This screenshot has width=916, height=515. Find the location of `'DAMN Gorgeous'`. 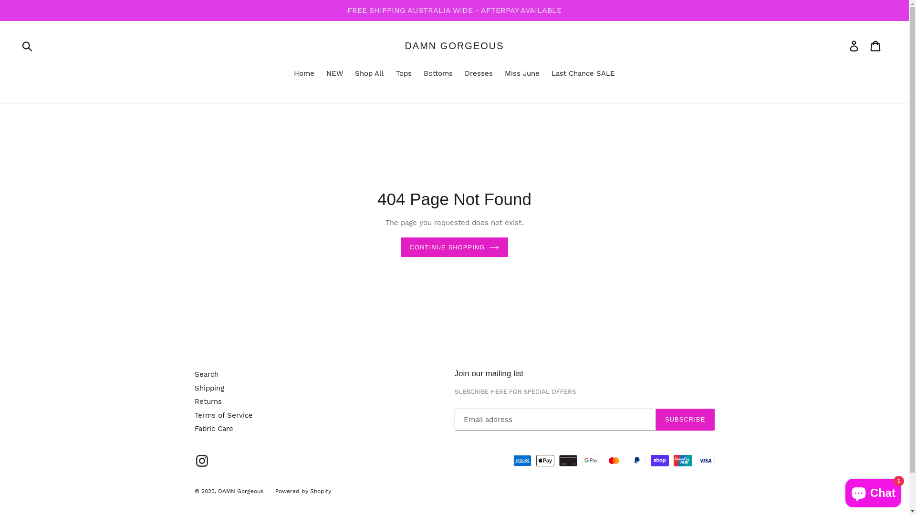

'DAMN Gorgeous' is located at coordinates (240, 491).